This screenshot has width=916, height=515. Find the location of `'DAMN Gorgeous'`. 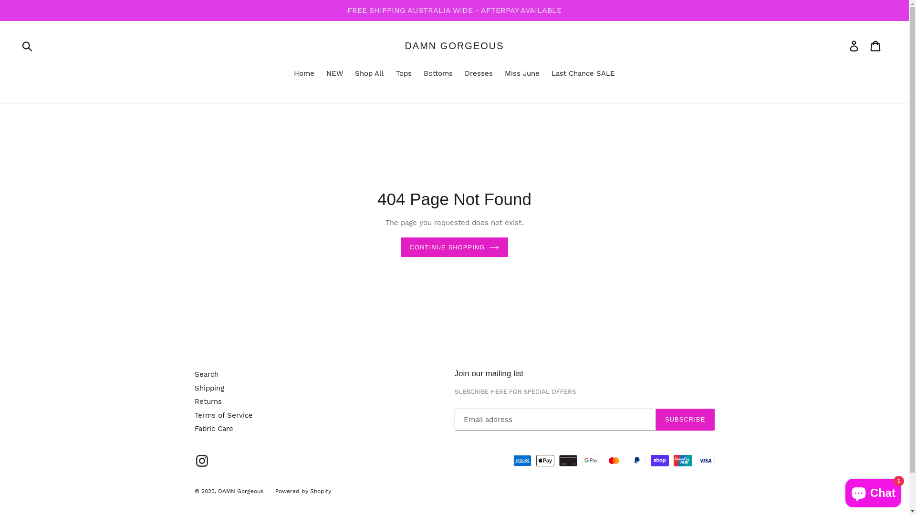

'DAMN Gorgeous' is located at coordinates (240, 491).